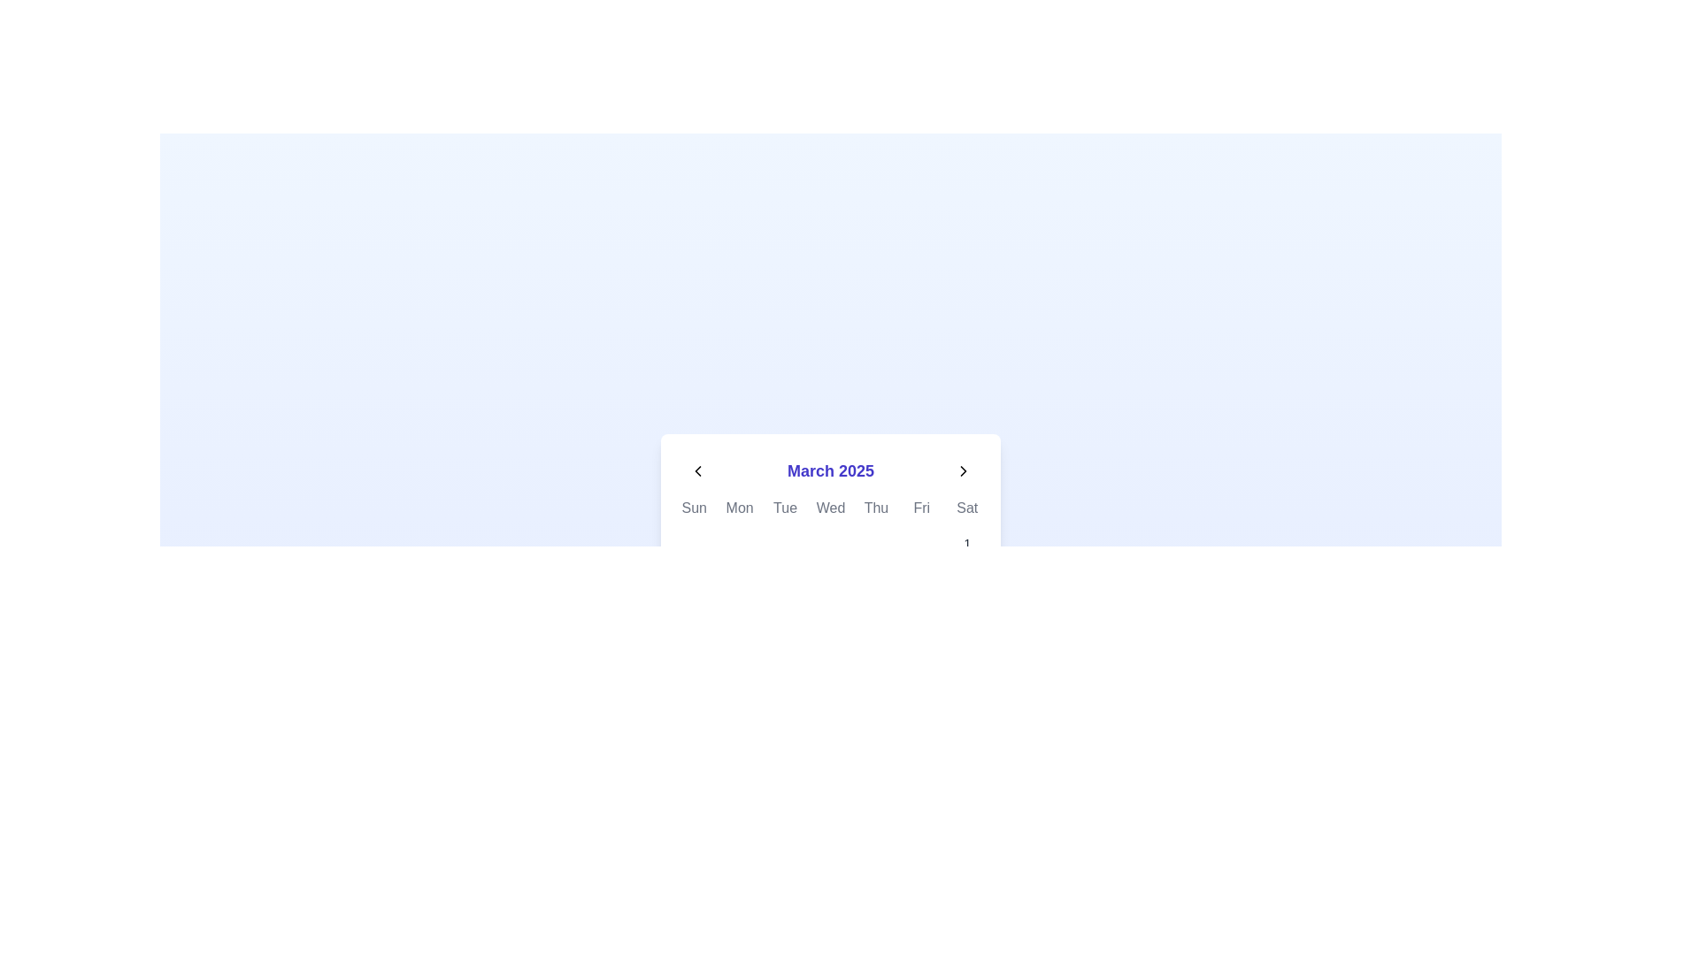  Describe the element at coordinates (696, 470) in the screenshot. I see `the navigation button that moves to the previous increment, located to the left of the text 'March 2025'` at that location.